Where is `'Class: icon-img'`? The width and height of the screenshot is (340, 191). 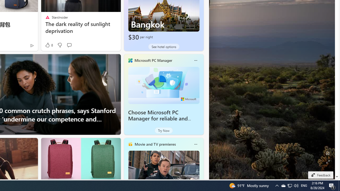 'Class: icon-img' is located at coordinates (195, 144).